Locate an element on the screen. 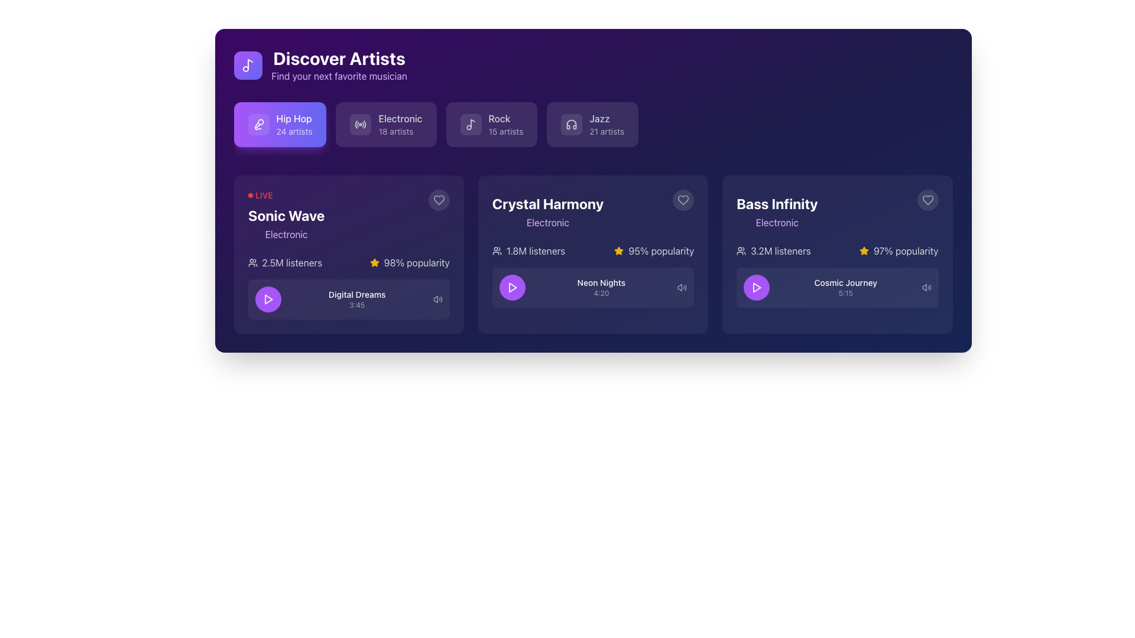 The image size is (1135, 638). the 'Electronic' text label which is styled in a larger, bold font and is located between 'Hip Hop' and 'Rock' under the 'Discover Artists' header is located at coordinates (400, 125).